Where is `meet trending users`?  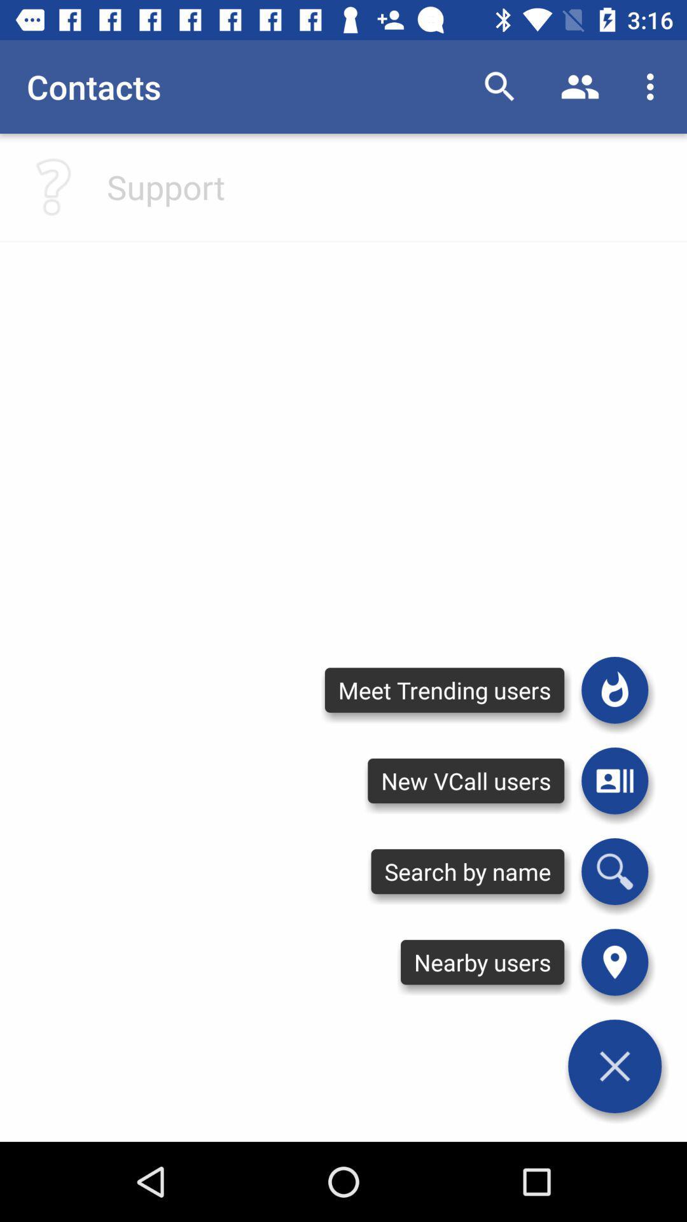 meet trending users is located at coordinates (614, 689).